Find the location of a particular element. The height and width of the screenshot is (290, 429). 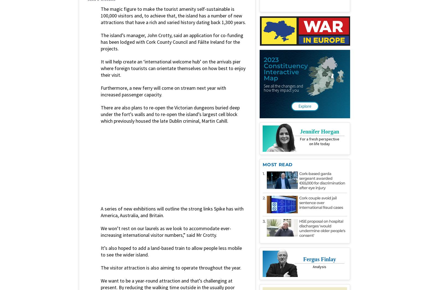

'Place: Dublin' is located at coordinates (183, 75).